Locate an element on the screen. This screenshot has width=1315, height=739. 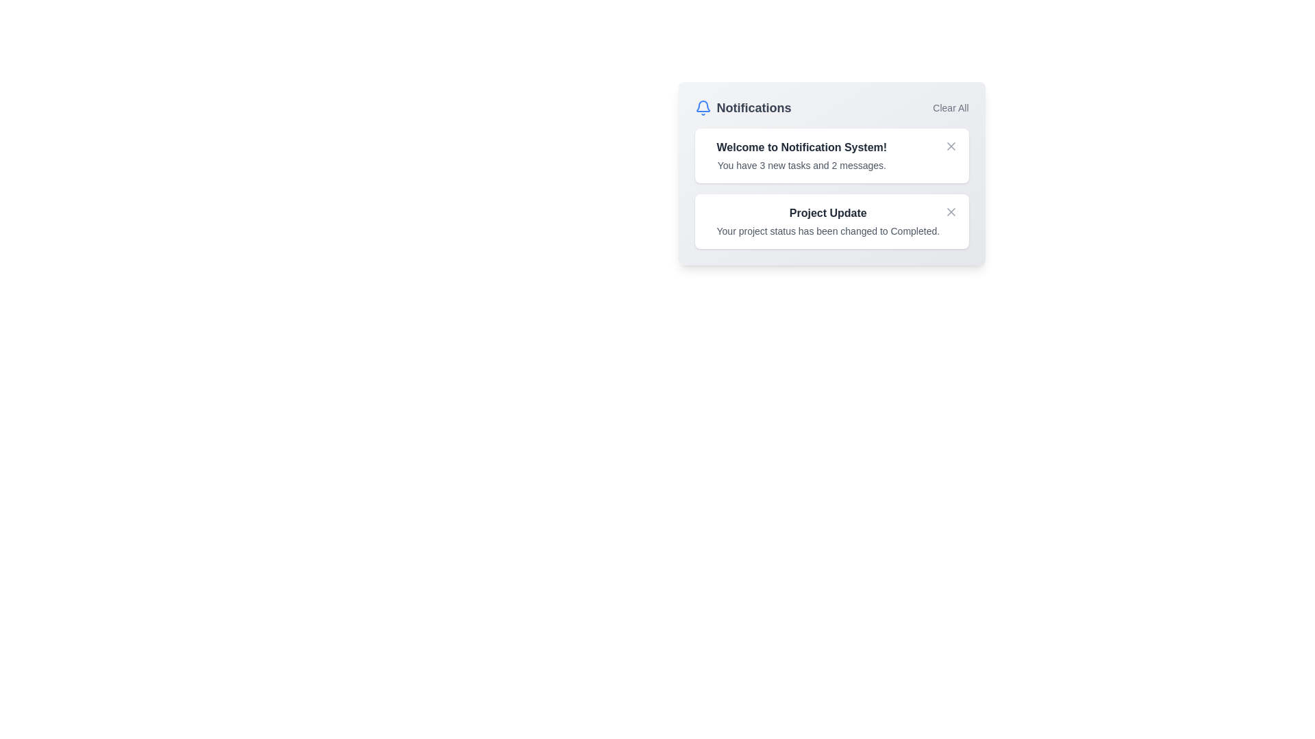
the 'Notifications' label with the blue bell icon located at the top-left corner of the notification panel is located at coordinates (742, 107).